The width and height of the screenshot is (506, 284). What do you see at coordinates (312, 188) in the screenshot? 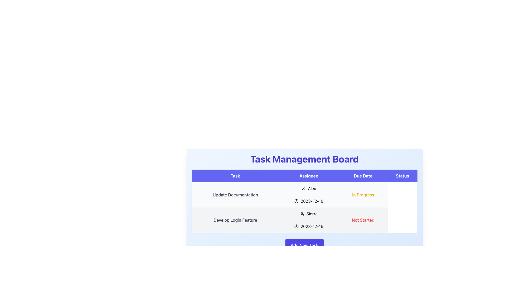
I see `the text 'Alex' located in the 'Assignee' column of the task management table, which is styled in bold black and is interactive` at bounding box center [312, 188].